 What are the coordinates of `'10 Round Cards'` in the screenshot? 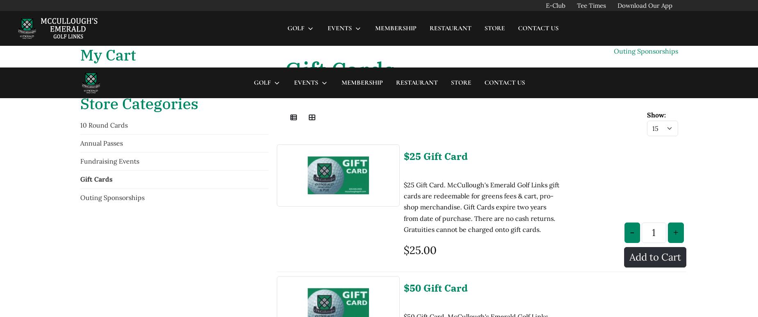 It's located at (103, 56).